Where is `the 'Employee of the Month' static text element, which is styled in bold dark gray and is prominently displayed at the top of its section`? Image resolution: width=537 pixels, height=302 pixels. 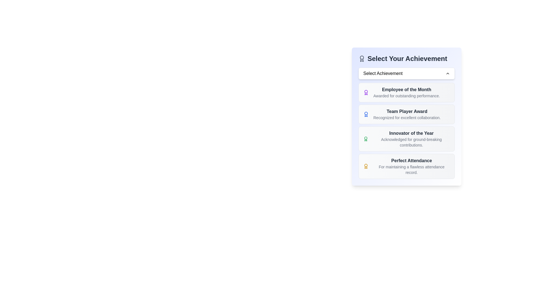
the 'Employee of the Month' static text element, which is styled in bold dark gray and is prominently displayed at the top of its section is located at coordinates (407, 89).